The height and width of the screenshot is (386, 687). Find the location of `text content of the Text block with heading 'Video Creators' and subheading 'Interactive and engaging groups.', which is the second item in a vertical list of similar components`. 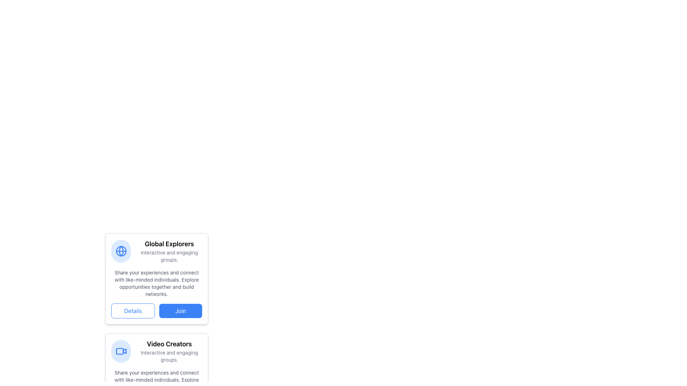

text content of the Text block with heading 'Video Creators' and subheading 'Interactive and engaging groups.', which is the second item in a vertical list of similar components is located at coordinates (169, 351).